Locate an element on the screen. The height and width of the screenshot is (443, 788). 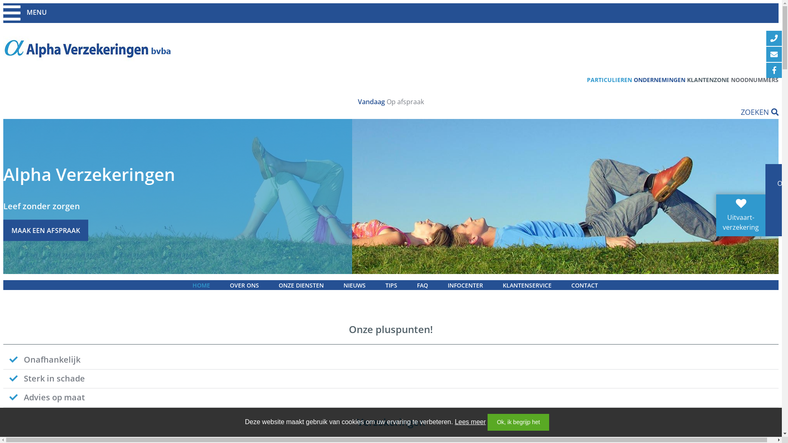
'HOME' is located at coordinates (201, 285).